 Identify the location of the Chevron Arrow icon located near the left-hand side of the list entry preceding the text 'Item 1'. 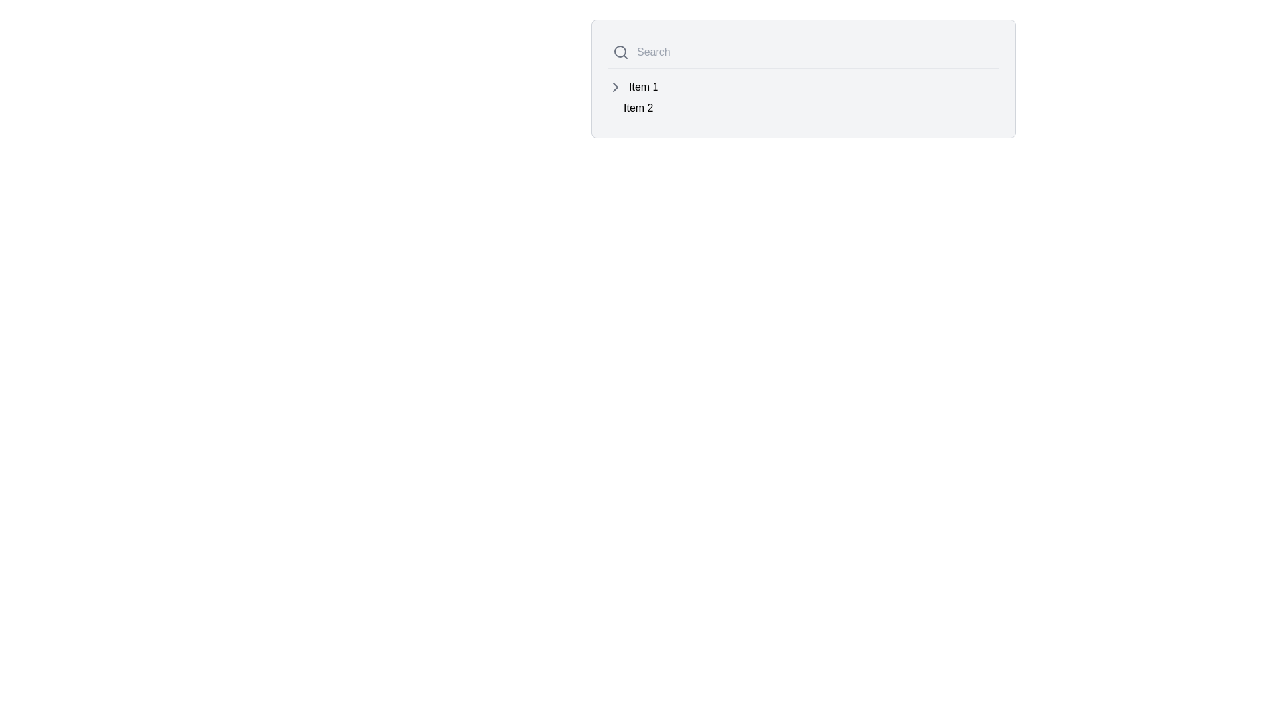
(615, 87).